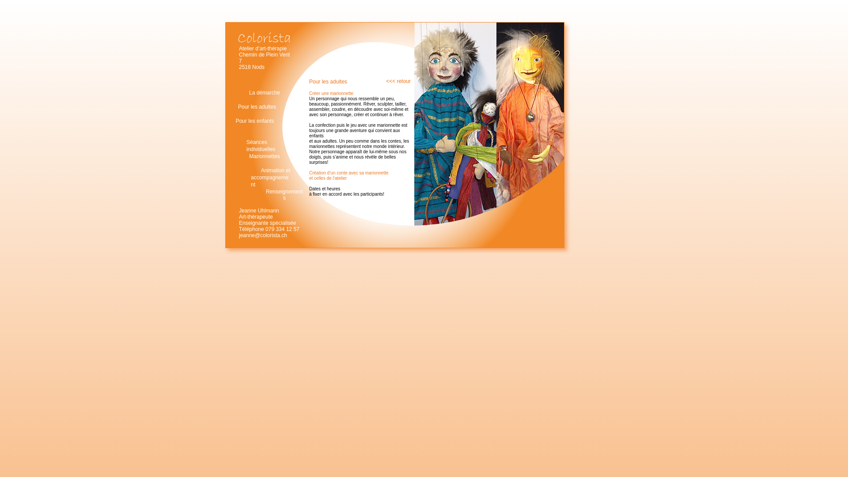 The image size is (848, 477). What do you see at coordinates (256, 107) in the screenshot?
I see `'Pour les adultes'` at bounding box center [256, 107].